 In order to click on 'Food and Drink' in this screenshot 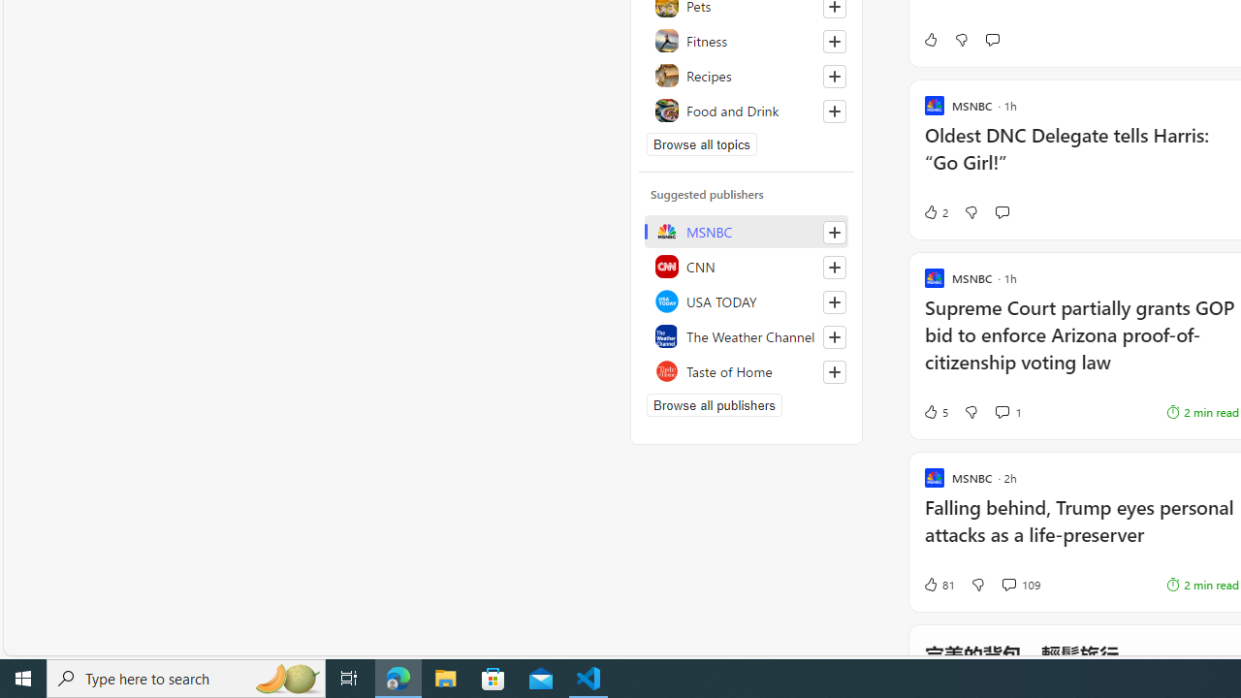, I will do `click(746, 111)`.